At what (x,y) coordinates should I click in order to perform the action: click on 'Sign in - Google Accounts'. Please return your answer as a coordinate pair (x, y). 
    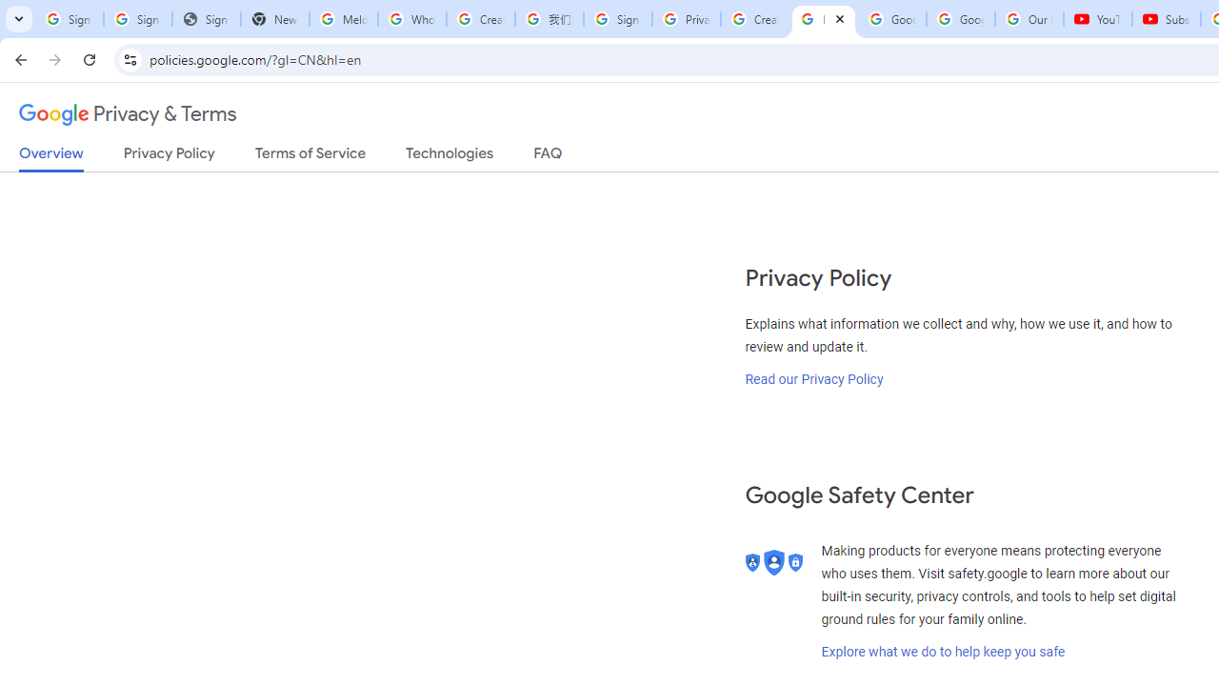
    Looking at the image, I should click on (69, 19).